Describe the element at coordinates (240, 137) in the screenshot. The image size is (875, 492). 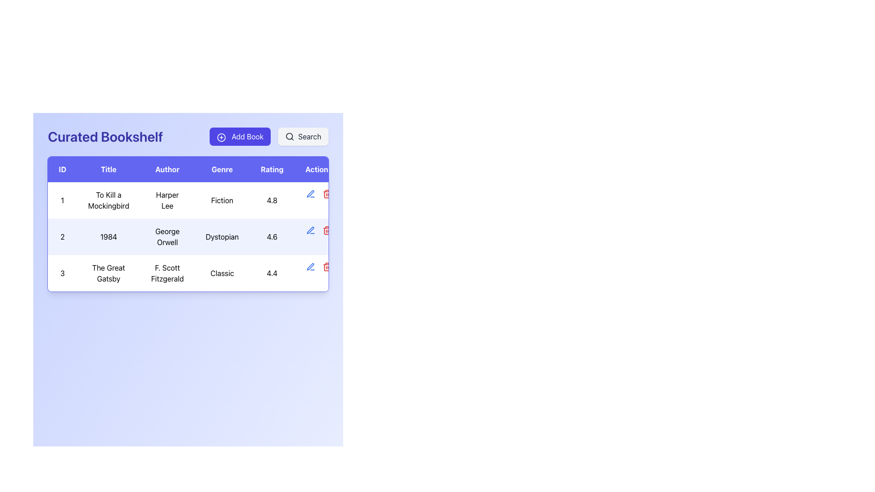
I see `the 'Add Book' button with a blue background and rounded corners` at that location.